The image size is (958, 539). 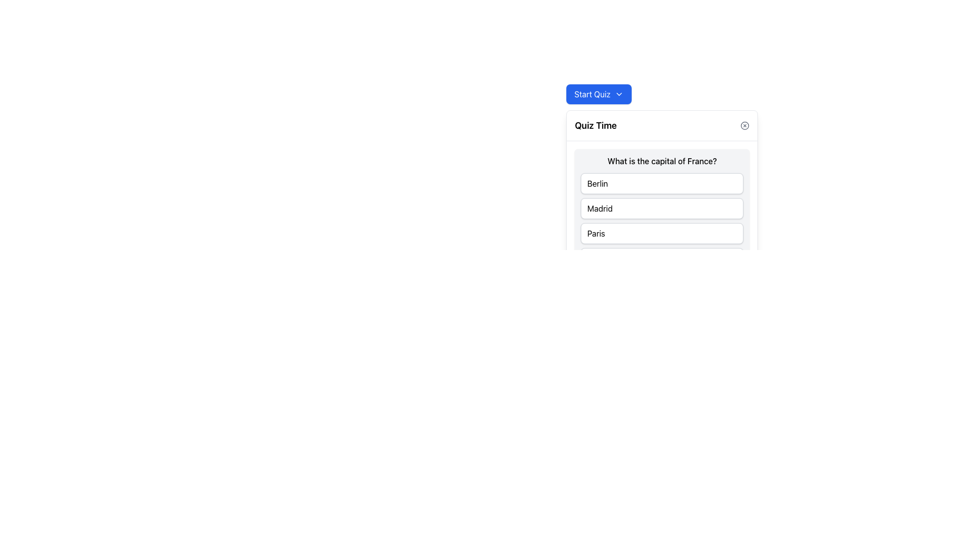 I want to click on the button at the top-left of the quiz interface, which is horizontally centered and located above the 'Quiz Time' section, so click(x=599, y=94).